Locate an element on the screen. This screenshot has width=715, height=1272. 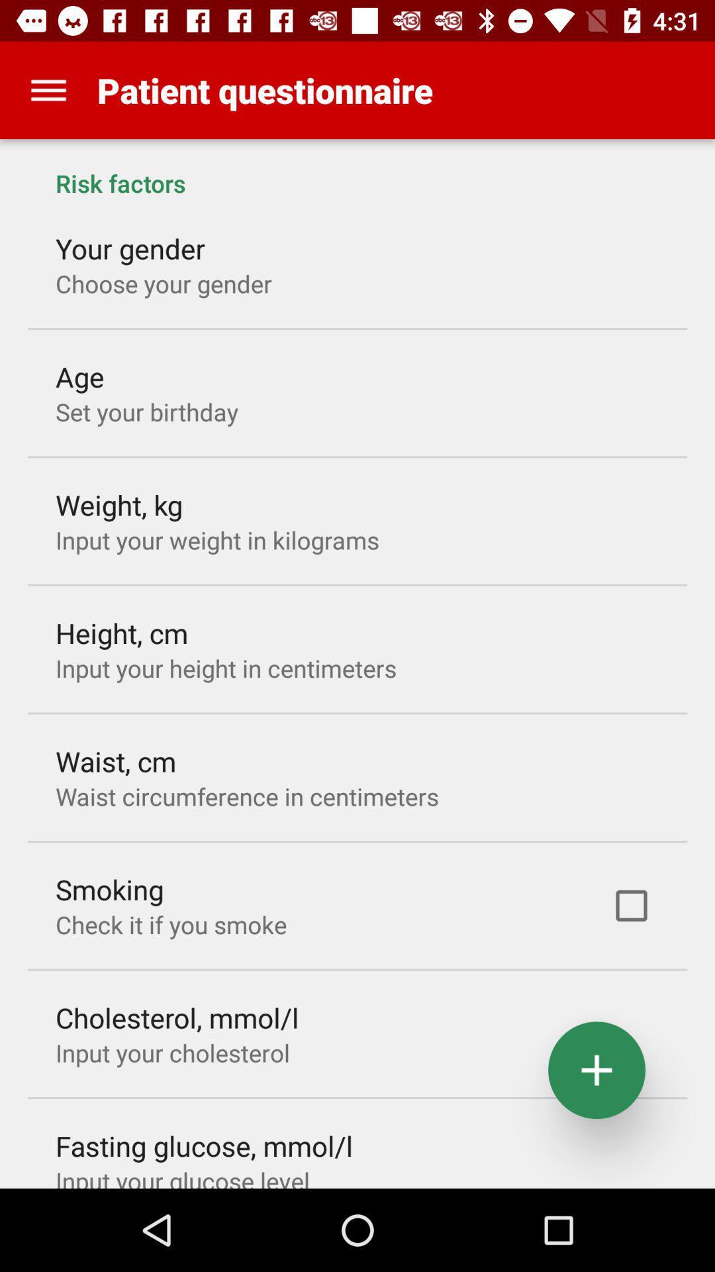
icon below age item is located at coordinates (147, 411).